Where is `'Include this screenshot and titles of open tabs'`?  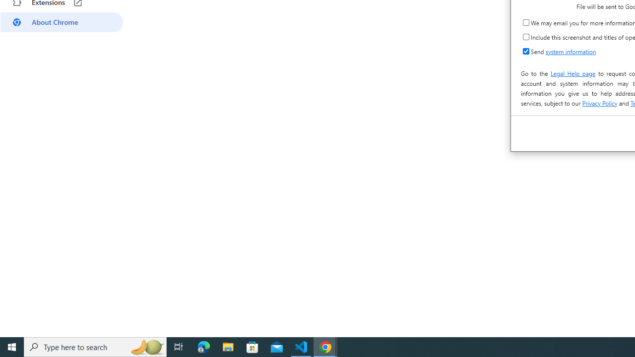
'Include this screenshot and titles of open tabs' is located at coordinates (525, 36).